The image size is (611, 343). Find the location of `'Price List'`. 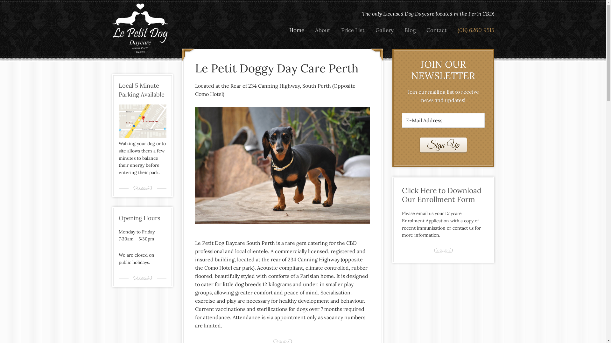

'Price List' is located at coordinates (352, 30).